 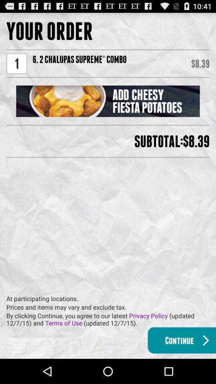 What do you see at coordinates (17, 63) in the screenshot?
I see `1` at bounding box center [17, 63].